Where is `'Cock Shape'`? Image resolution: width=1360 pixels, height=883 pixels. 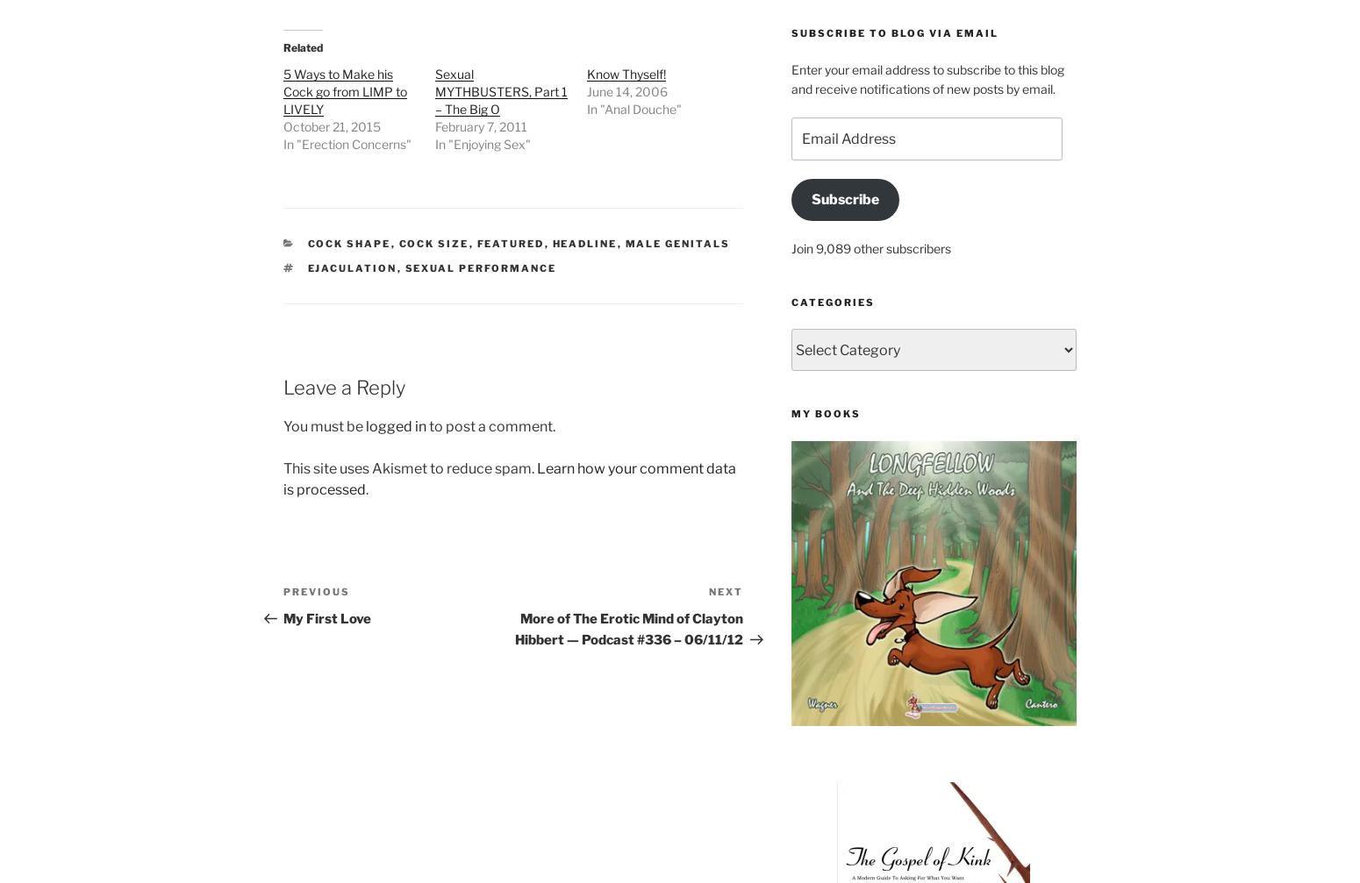
'Cock Shape' is located at coordinates (348, 244).